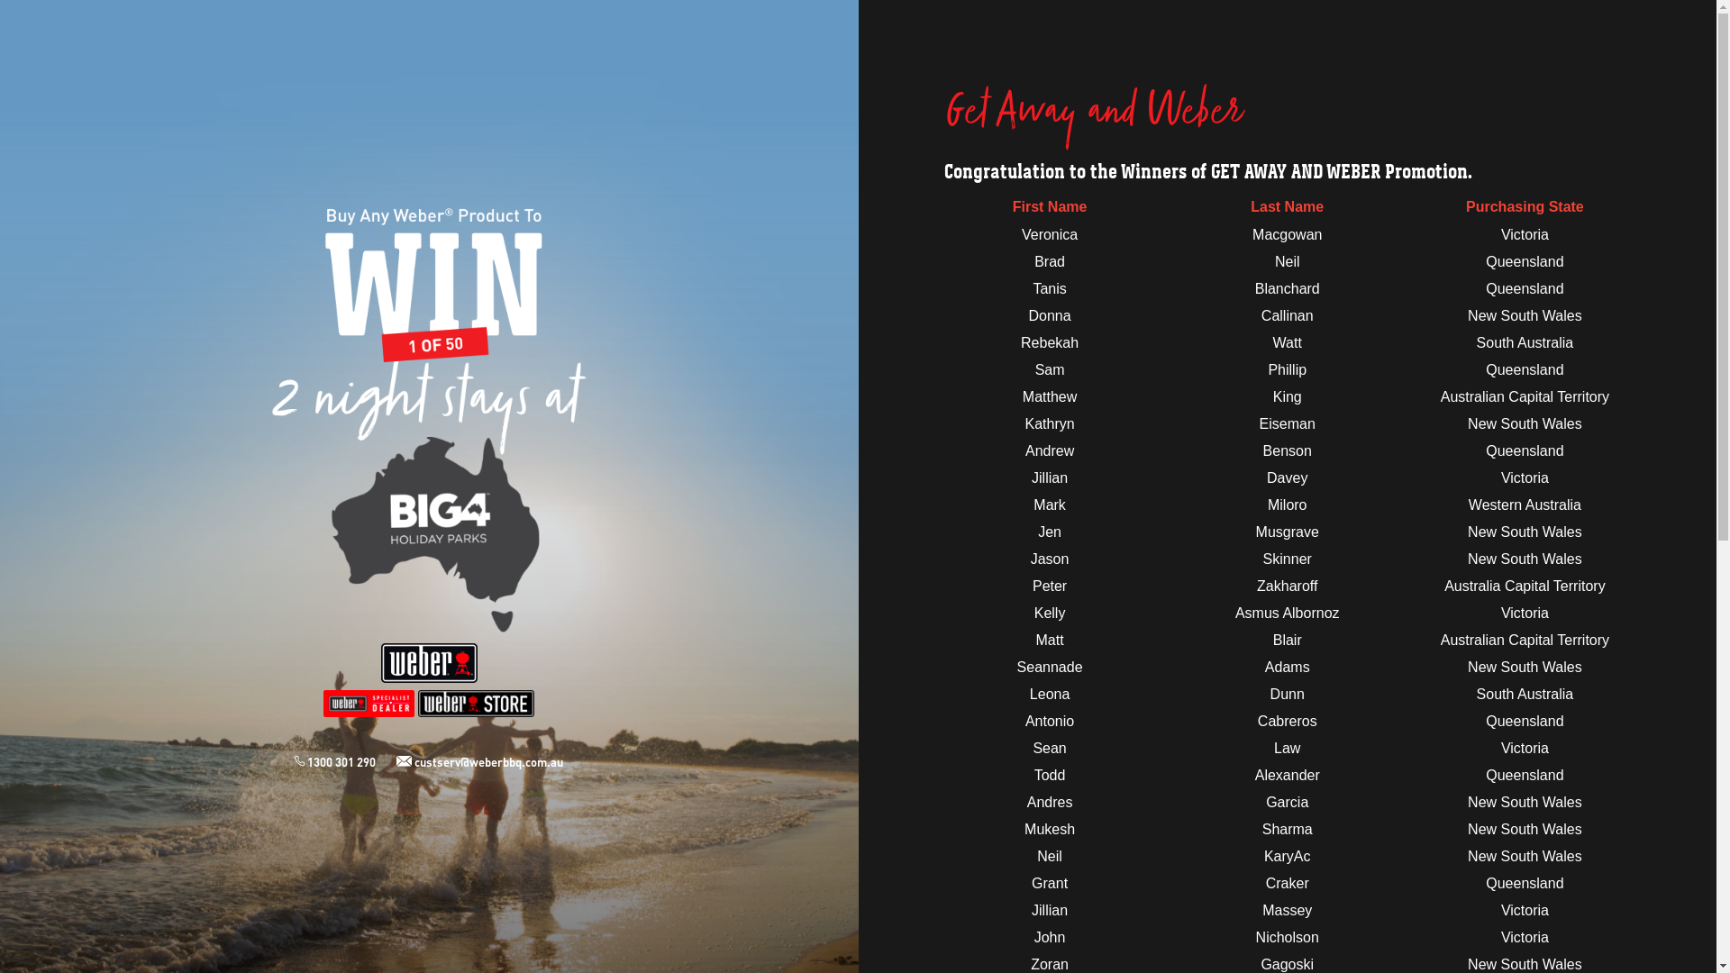  I want to click on 'custserv@weberbbq.com.au', so click(396, 761).